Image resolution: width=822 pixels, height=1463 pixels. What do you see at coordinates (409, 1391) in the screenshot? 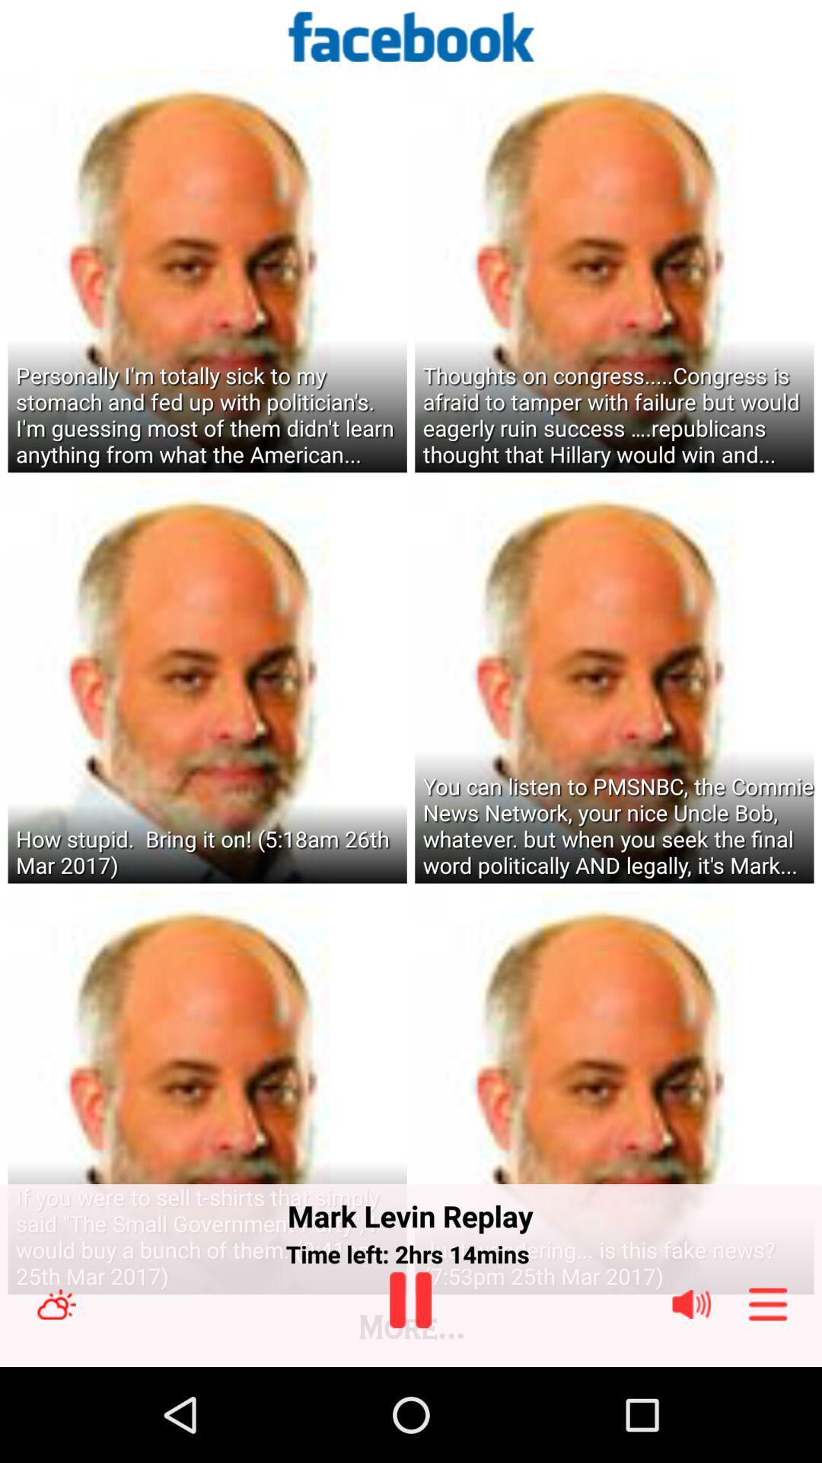
I see `the pause icon` at bounding box center [409, 1391].